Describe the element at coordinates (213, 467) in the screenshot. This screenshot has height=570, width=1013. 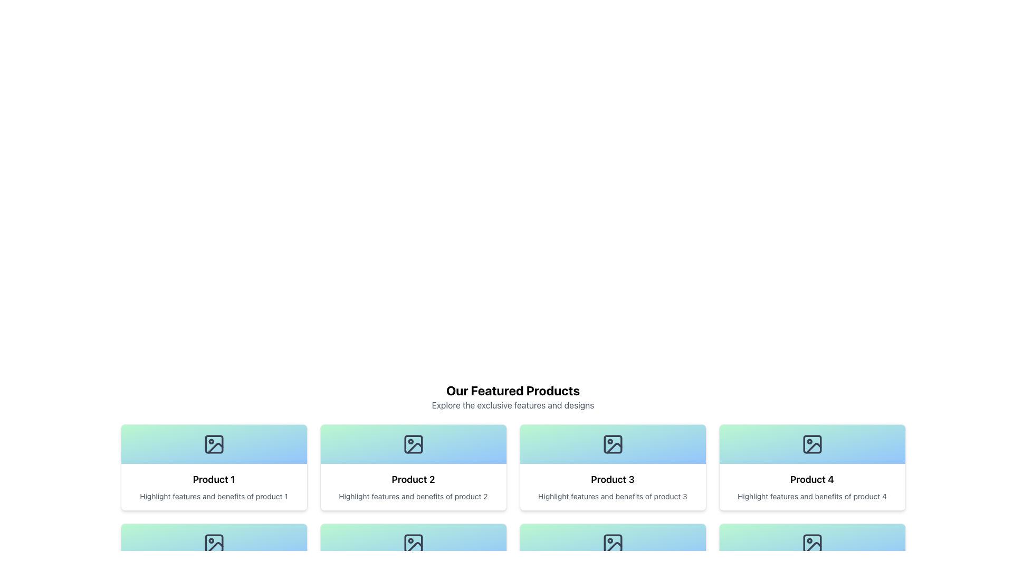
I see `the featured product card located in the top-left corner of the grid under the 'Our Featured Products' heading` at that location.